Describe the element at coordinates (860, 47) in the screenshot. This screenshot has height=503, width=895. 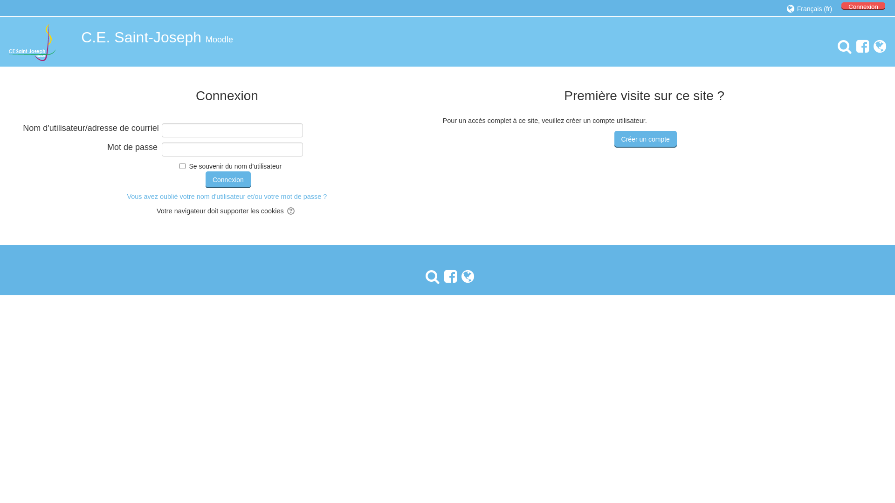
I see `'Facebook'` at that location.